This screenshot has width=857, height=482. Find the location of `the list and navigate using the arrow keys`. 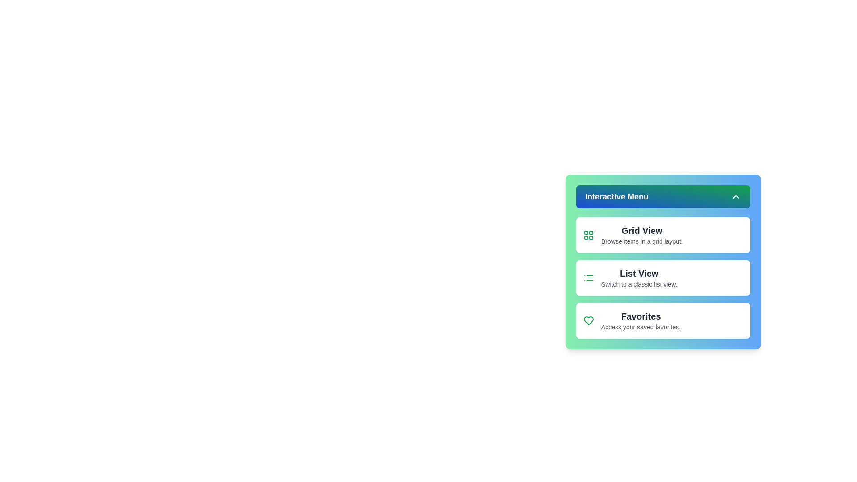

the list and navigate using the arrow keys is located at coordinates (663, 235).